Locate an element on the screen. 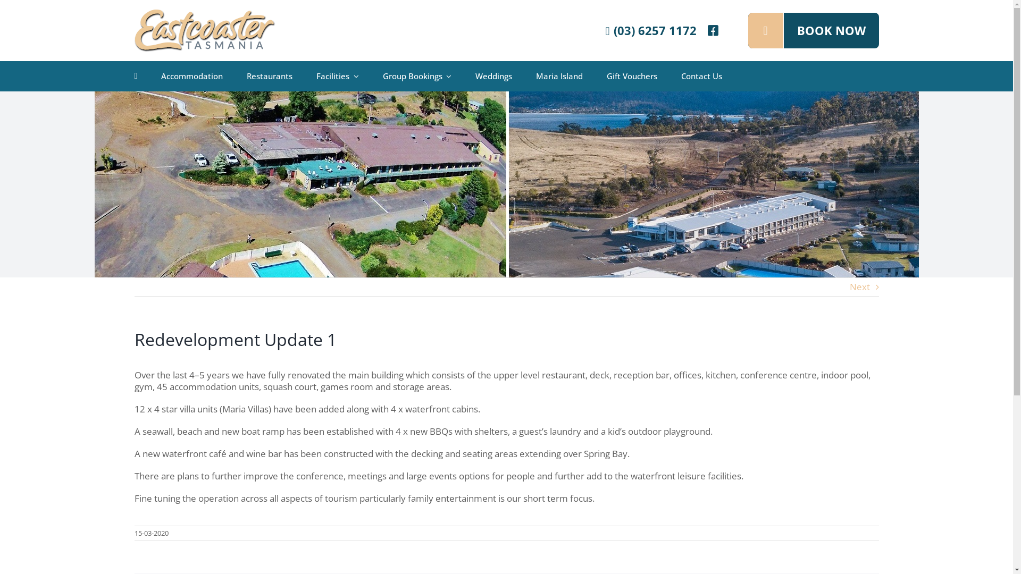 This screenshot has height=574, width=1021. 'Facilities' is located at coordinates (337, 75).